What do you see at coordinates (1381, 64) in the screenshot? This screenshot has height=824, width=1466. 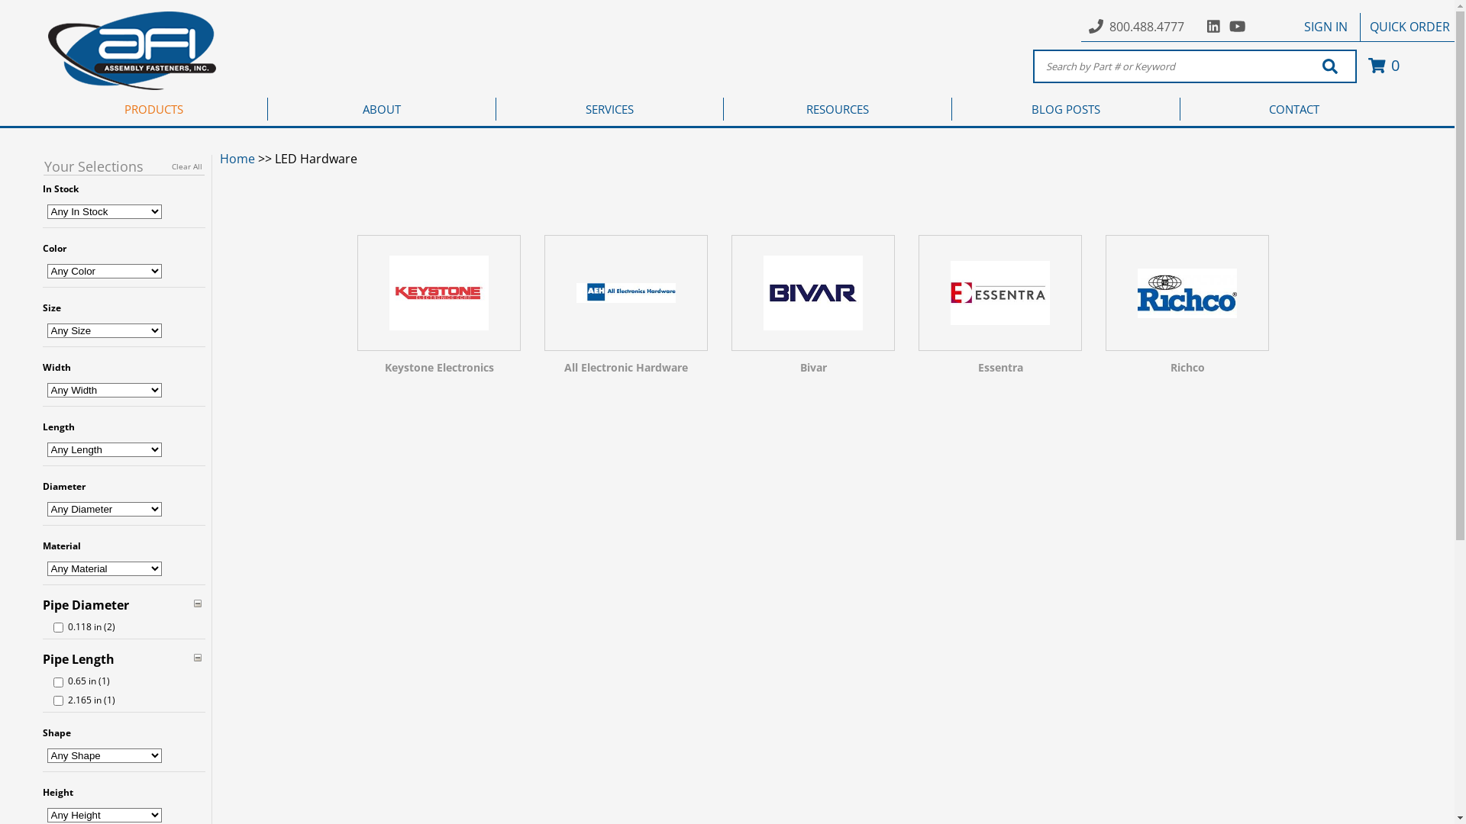 I see `'0'` at bounding box center [1381, 64].